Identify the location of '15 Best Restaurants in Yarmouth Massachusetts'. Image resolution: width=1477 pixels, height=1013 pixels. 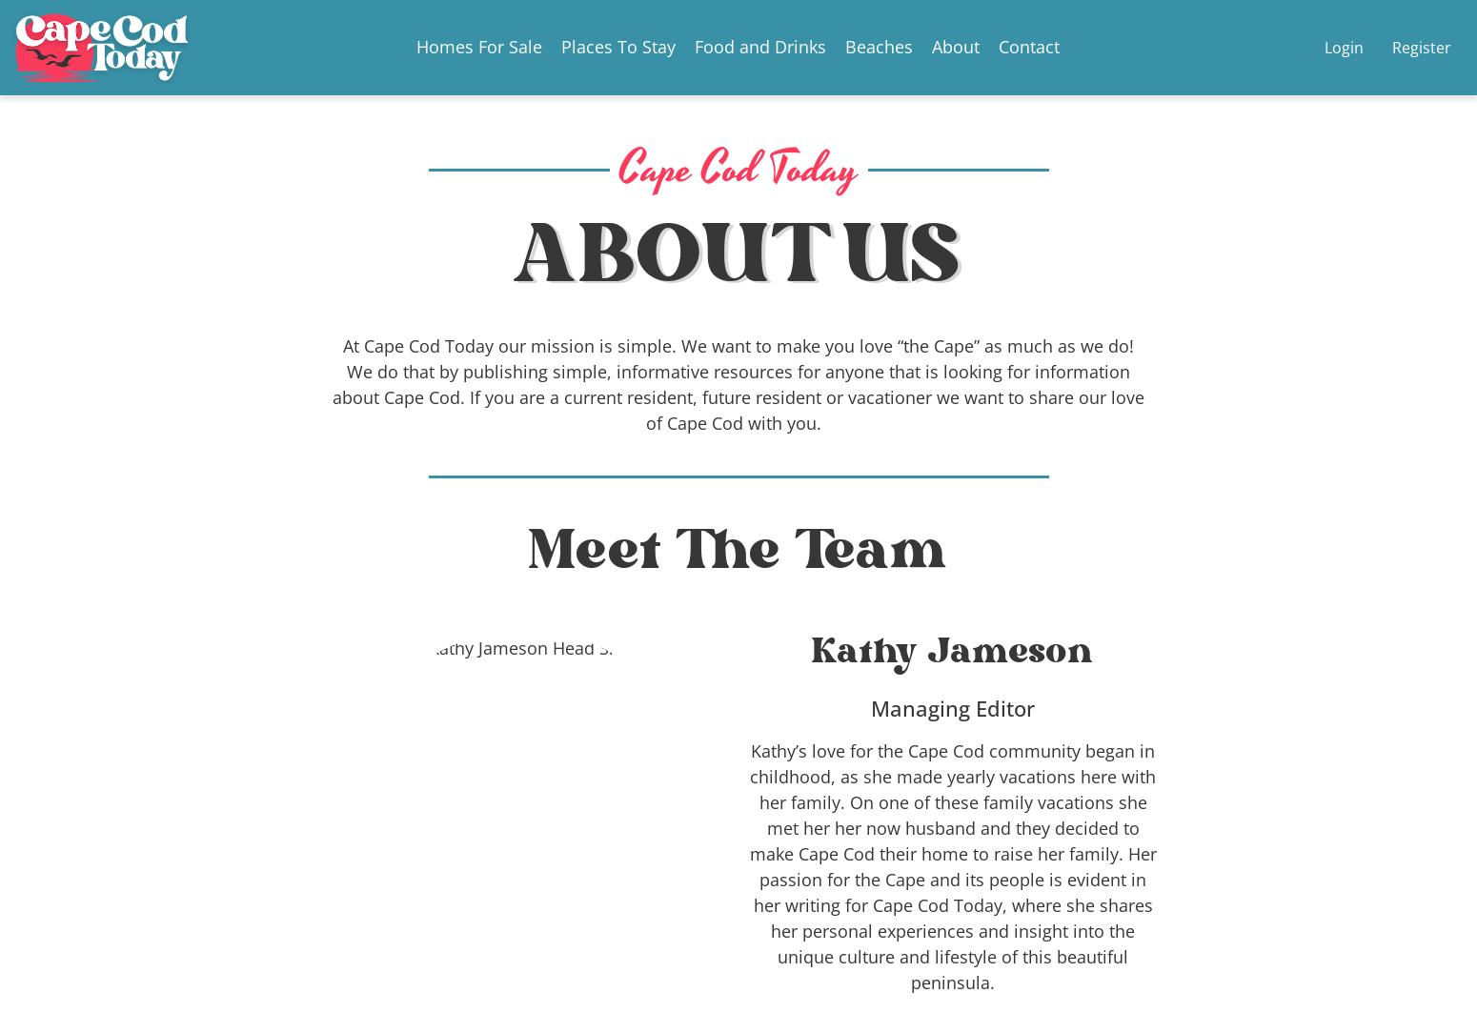
(738, 960).